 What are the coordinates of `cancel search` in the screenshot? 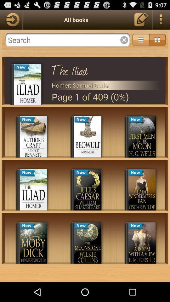 It's located at (124, 40).